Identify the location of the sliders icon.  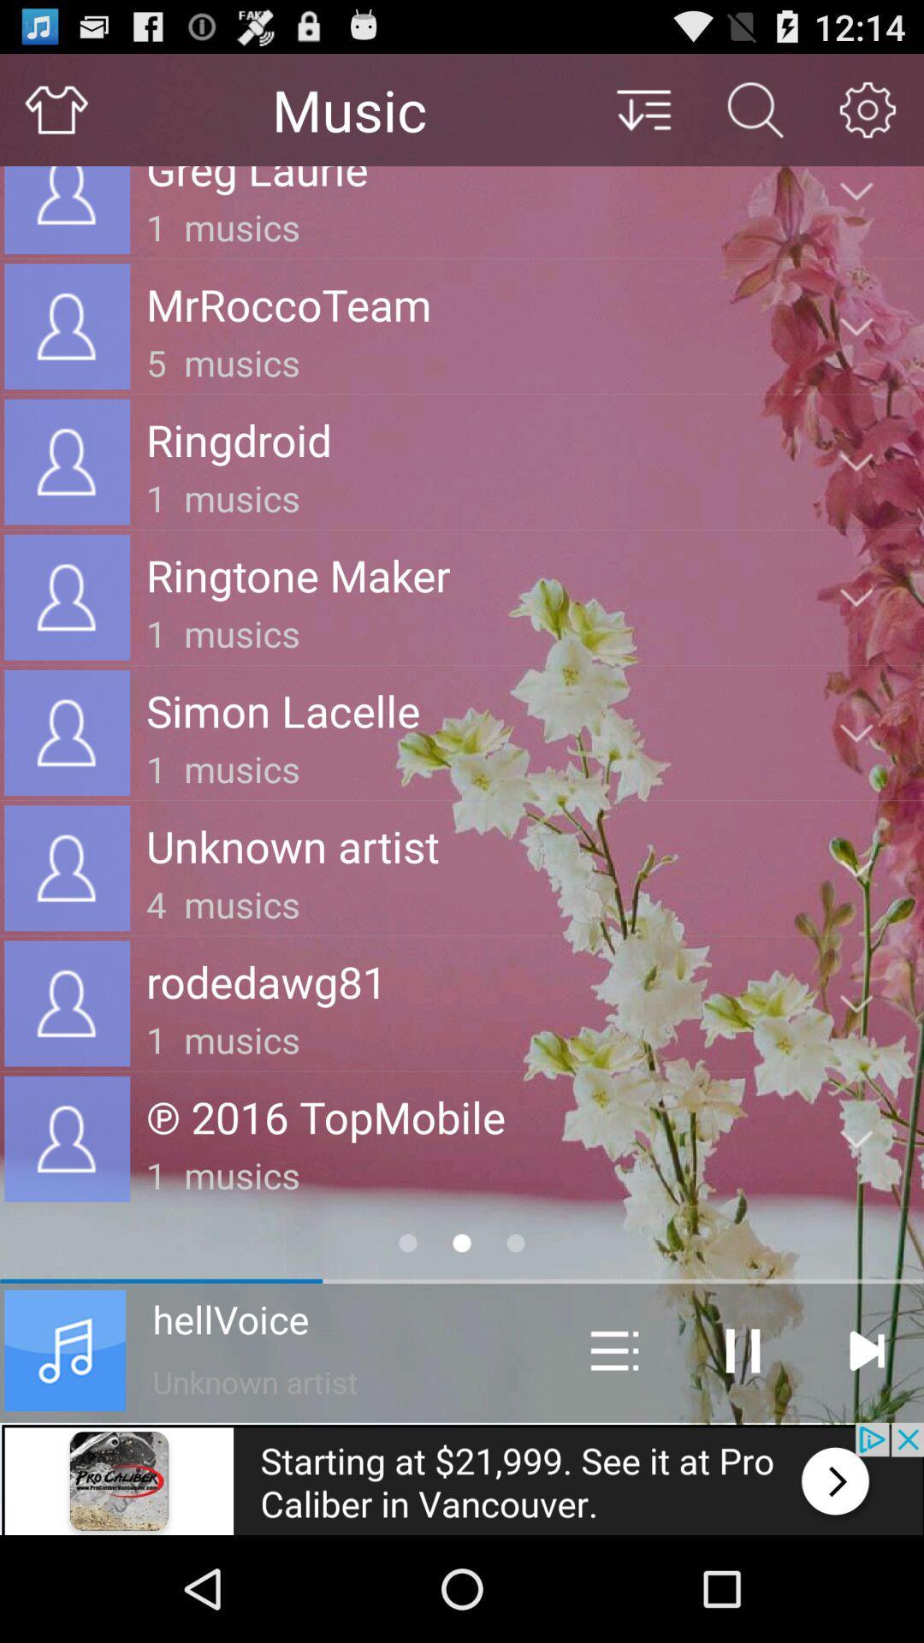
(613, 1444).